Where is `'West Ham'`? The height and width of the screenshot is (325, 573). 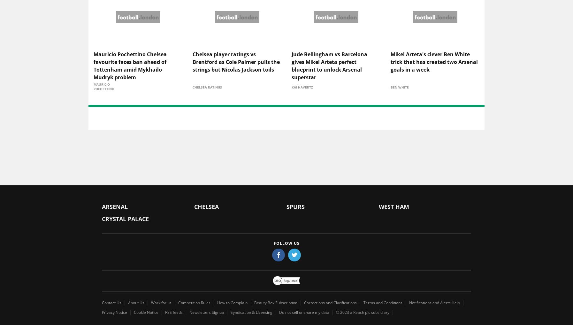 'West Ham' is located at coordinates (393, 207).